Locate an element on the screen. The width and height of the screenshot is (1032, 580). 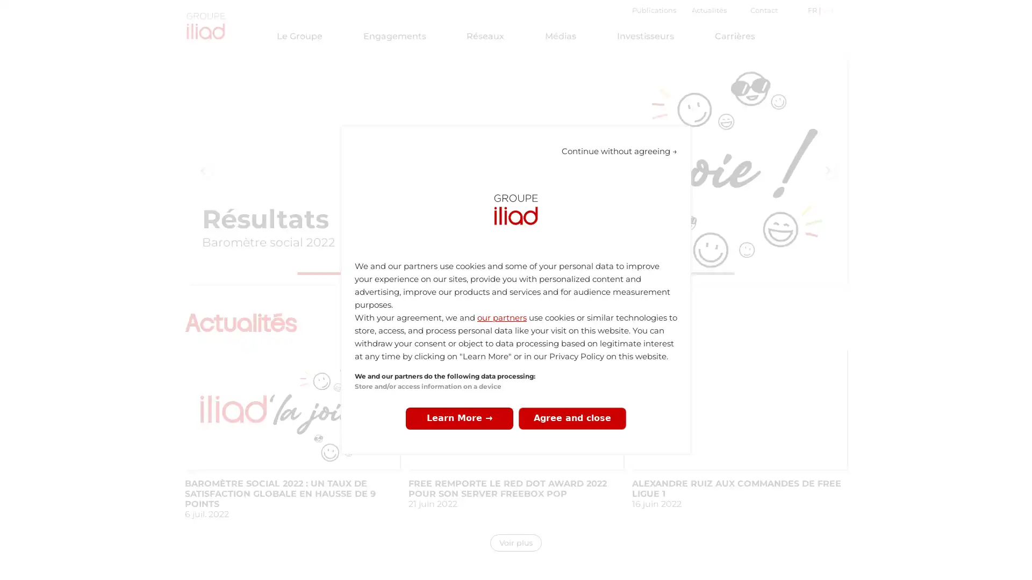
Voir plus is located at coordinates (516, 542).